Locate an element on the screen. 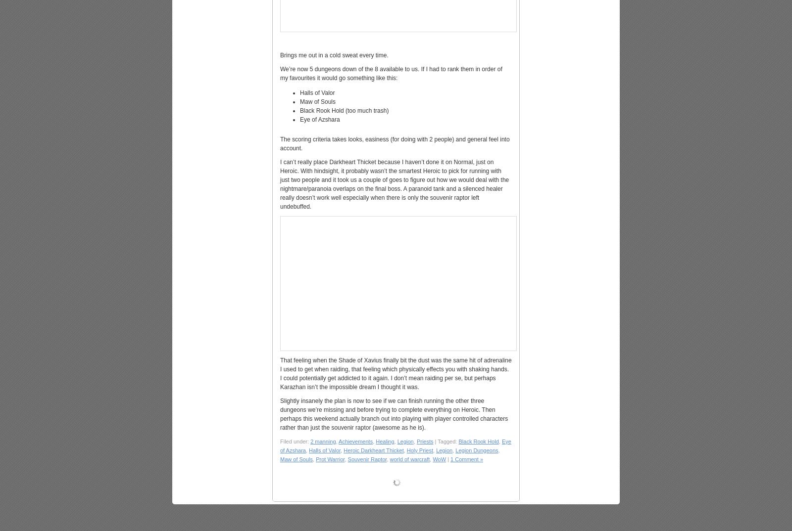 This screenshot has width=792, height=531. '| Tagged:' is located at coordinates (445, 441).